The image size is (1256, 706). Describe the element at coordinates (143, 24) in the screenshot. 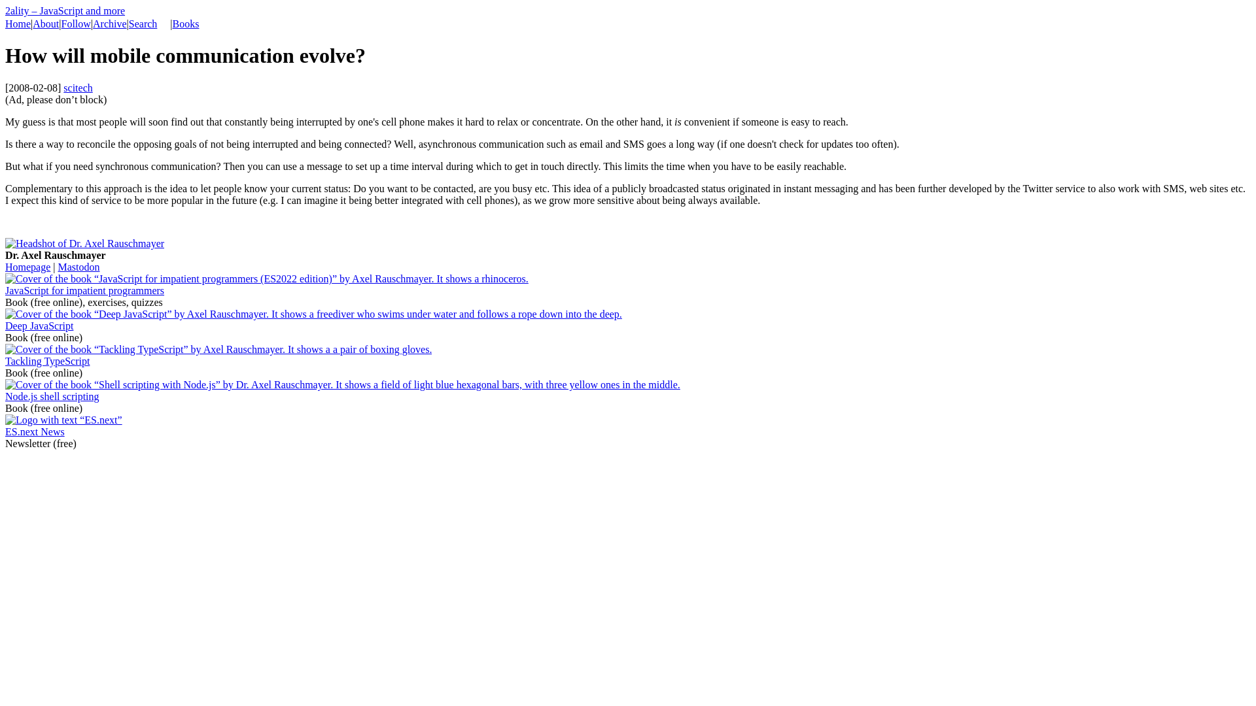

I see `'Search'` at that location.